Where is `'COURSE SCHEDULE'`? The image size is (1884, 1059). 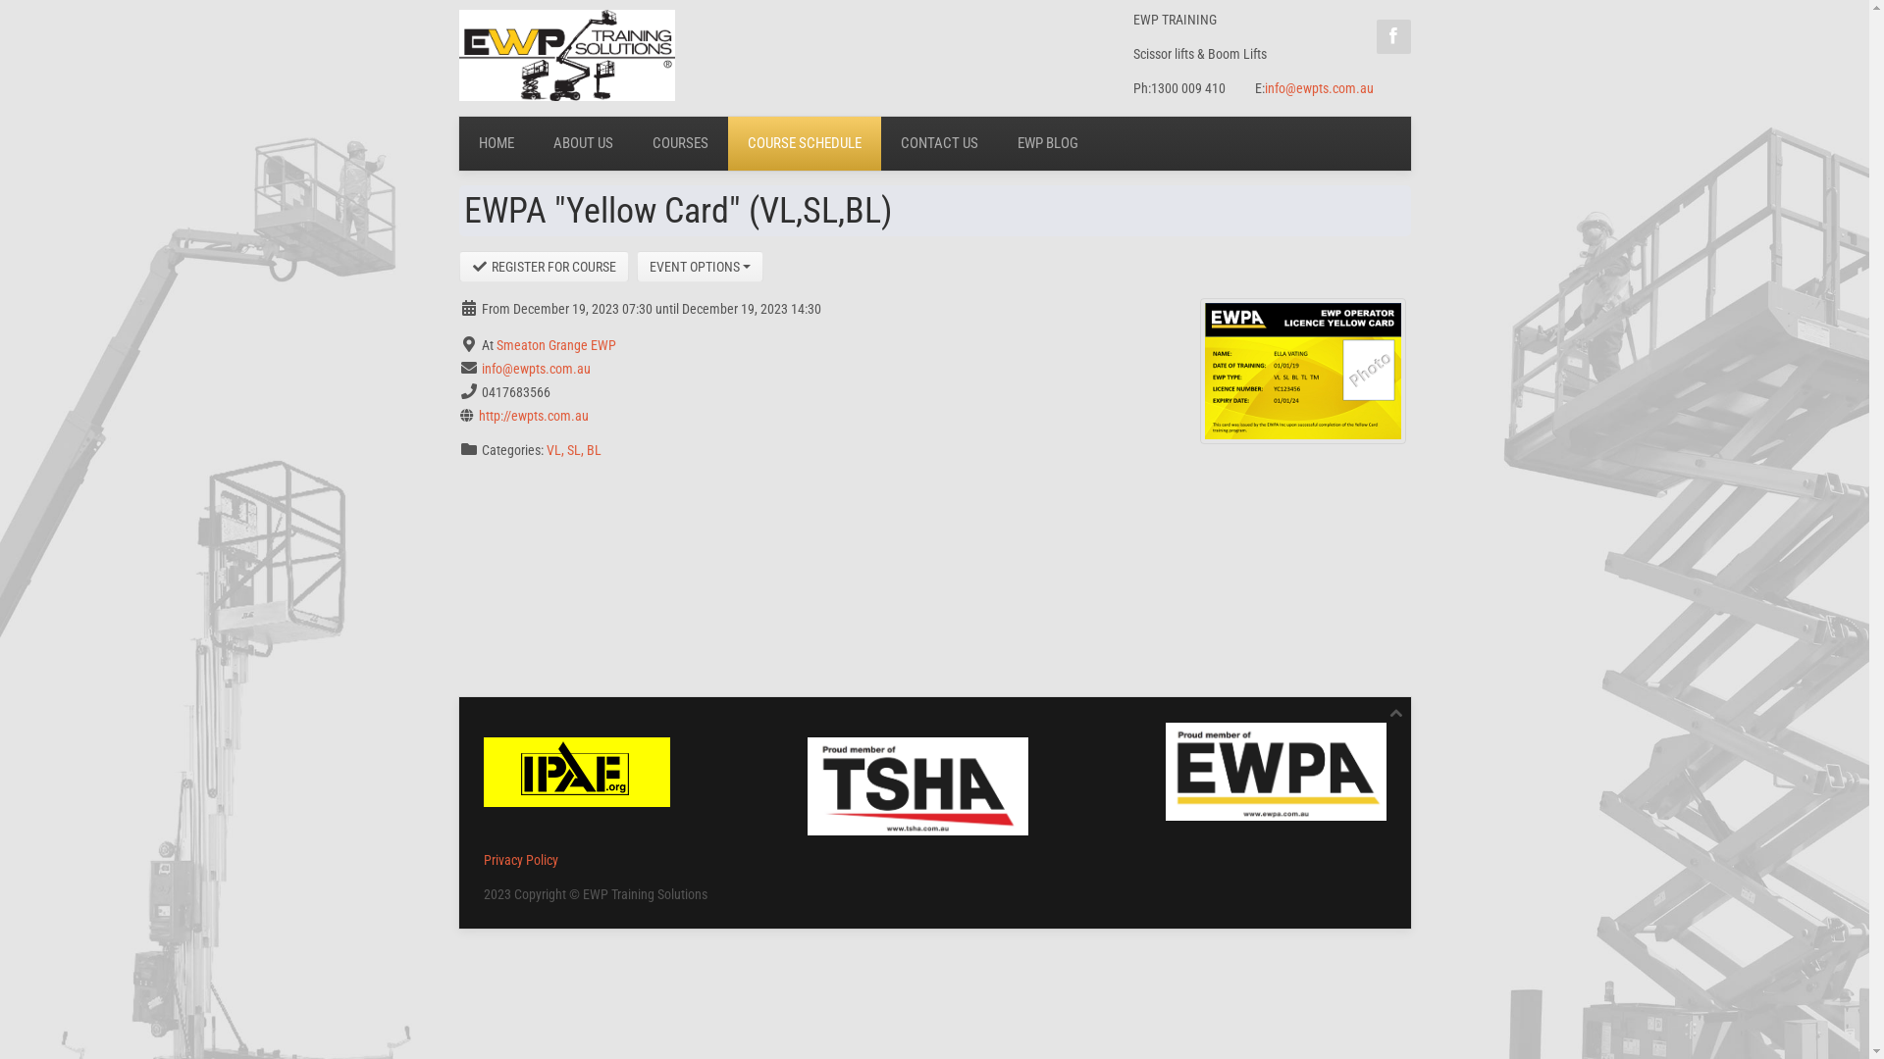 'COURSE SCHEDULE' is located at coordinates (805, 142).